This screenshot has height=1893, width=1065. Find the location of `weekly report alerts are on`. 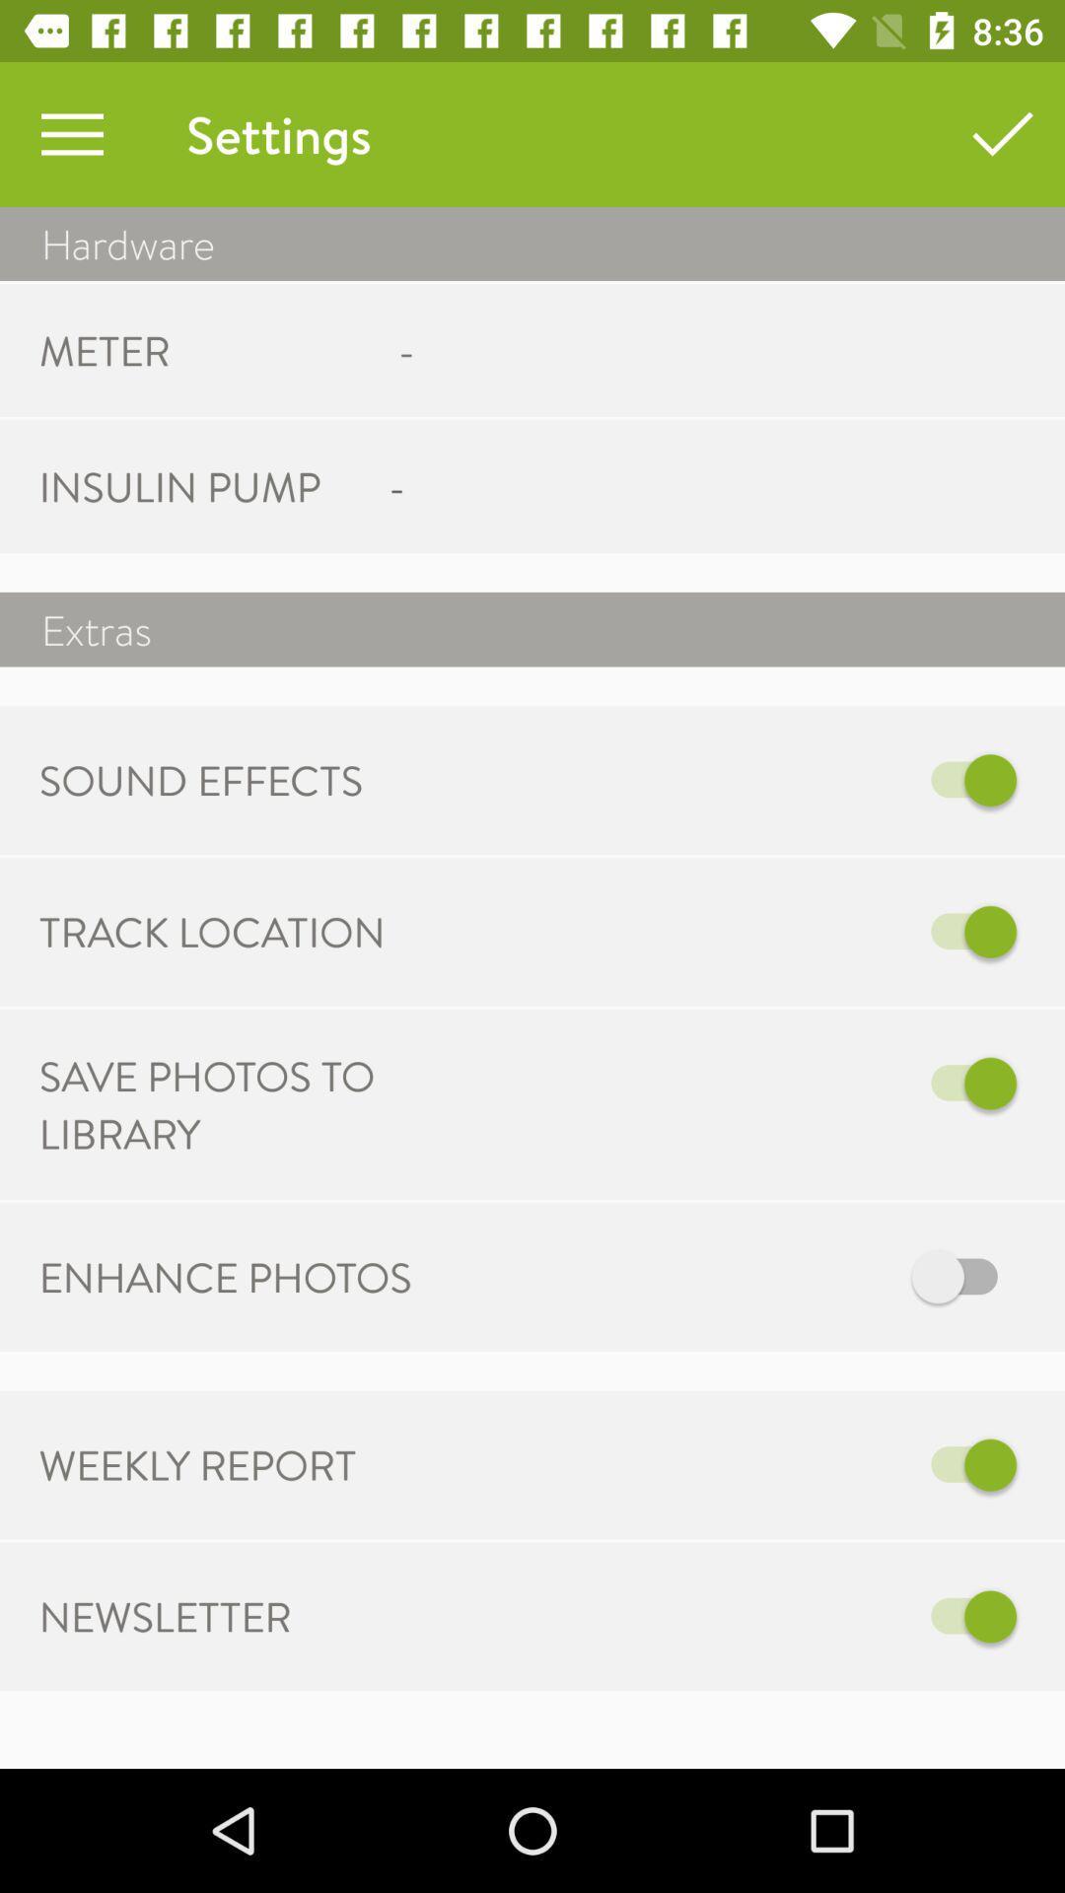

weekly report alerts are on is located at coordinates (737, 1465).